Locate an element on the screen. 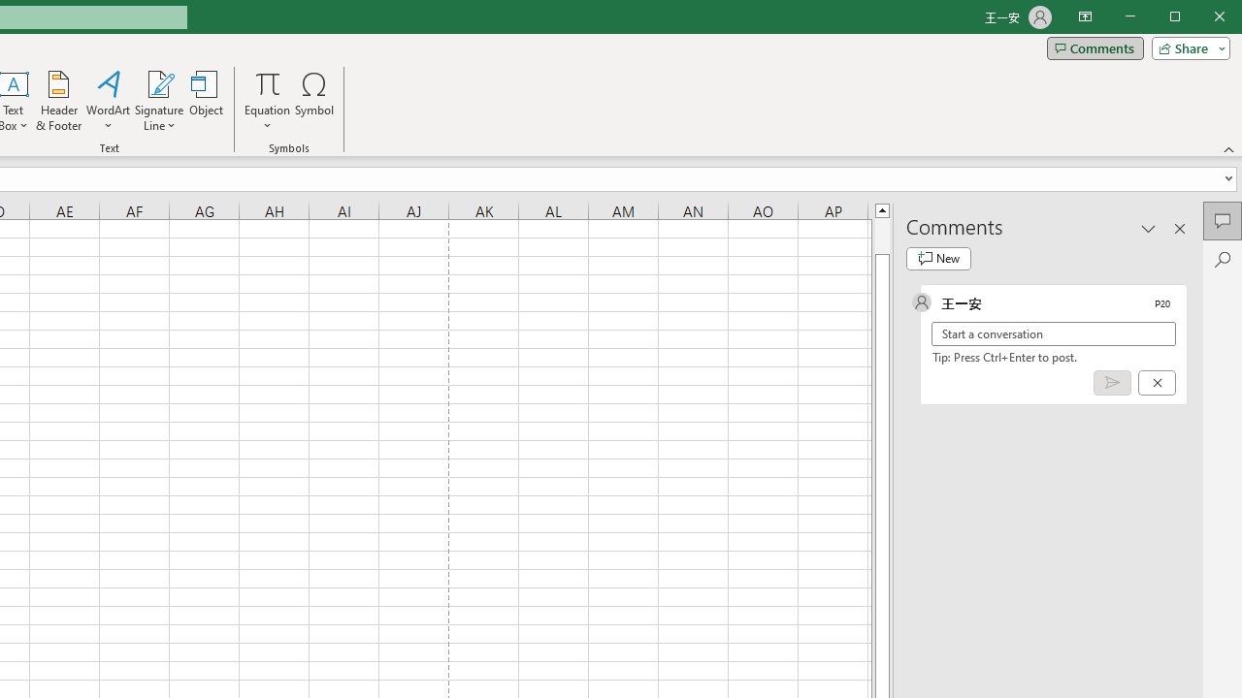 The height and width of the screenshot is (698, 1242). 'Object...' is located at coordinates (207, 101).